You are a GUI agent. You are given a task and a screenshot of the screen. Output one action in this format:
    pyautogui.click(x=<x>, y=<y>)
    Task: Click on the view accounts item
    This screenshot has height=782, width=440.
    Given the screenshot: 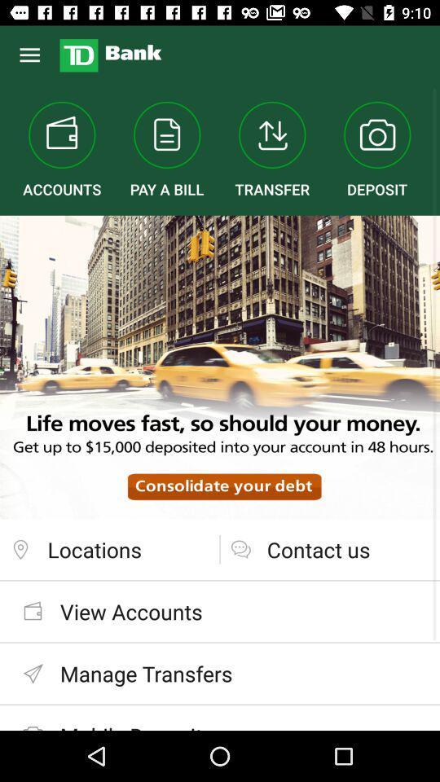 What is the action you would take?
    pyautogui.click(x=220, y=610)
    